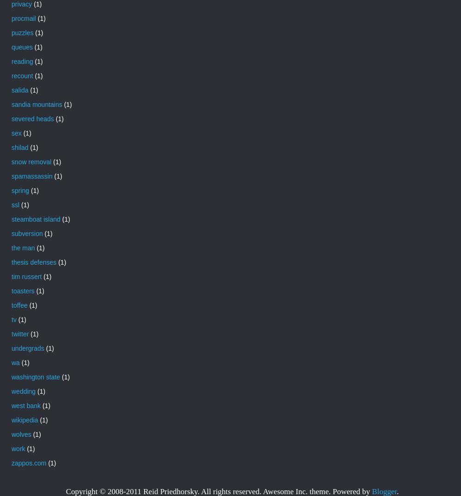  I want to click on 'washington state', so click(35, 376).